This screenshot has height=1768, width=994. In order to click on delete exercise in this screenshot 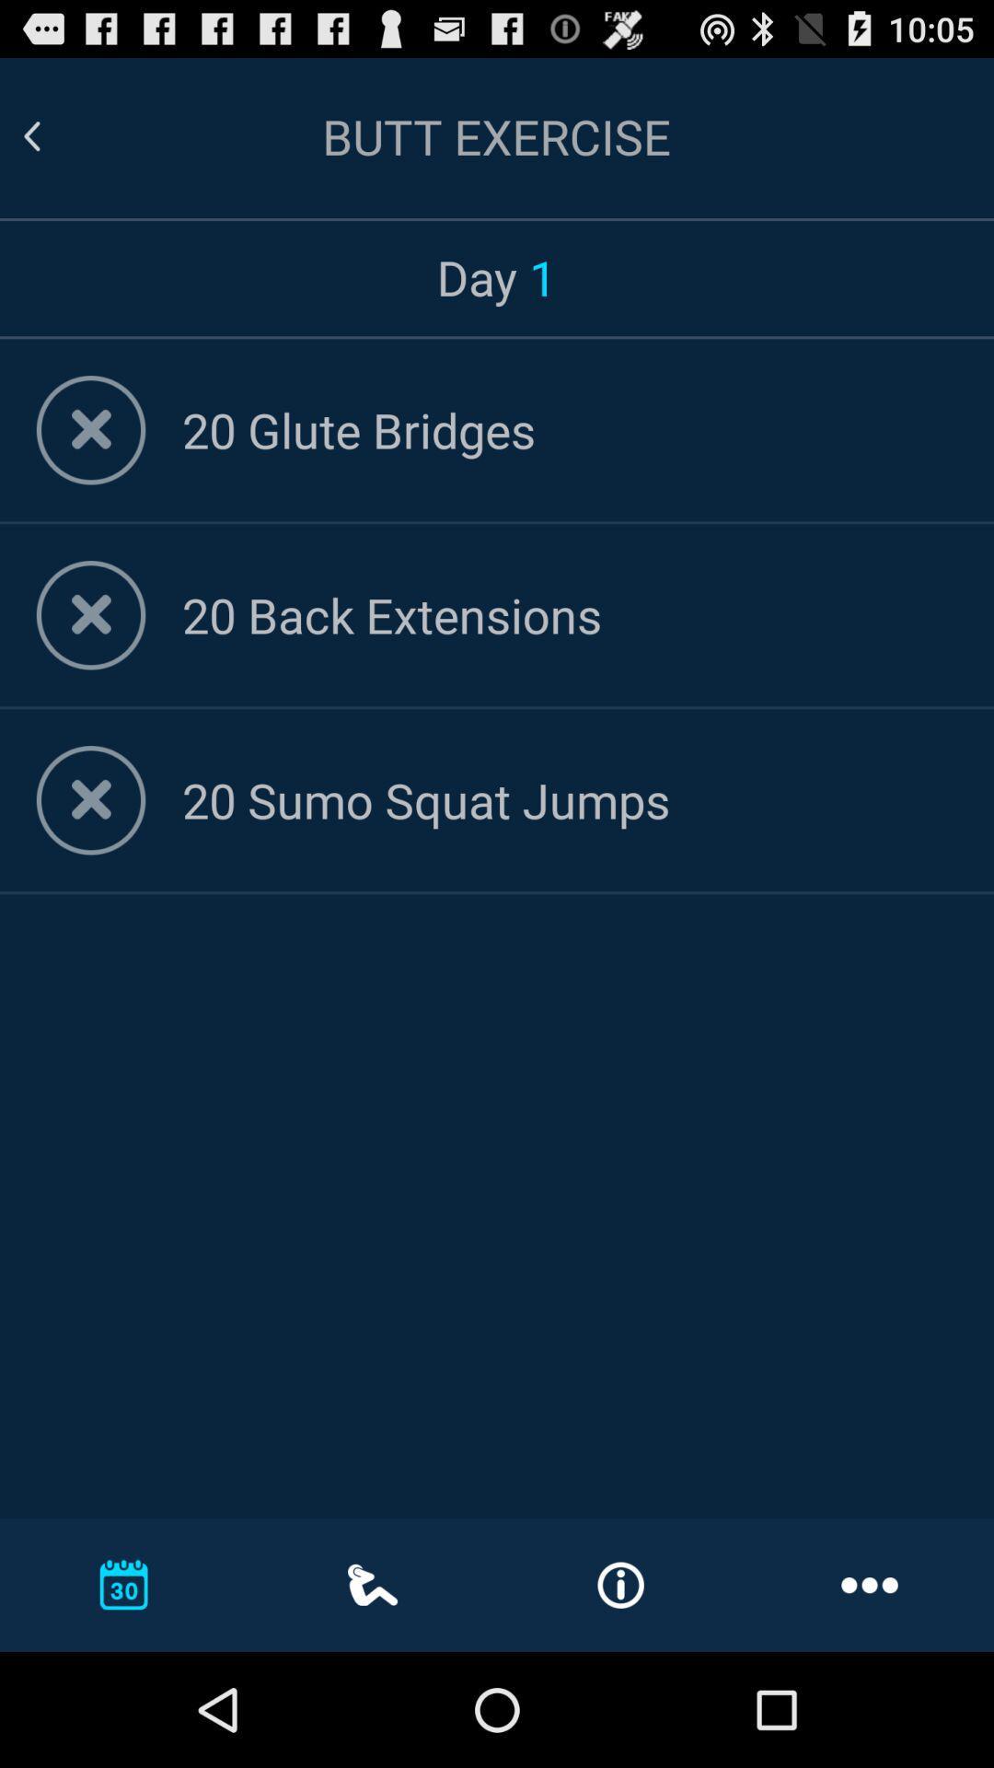, I will do `click(91, 615)`.